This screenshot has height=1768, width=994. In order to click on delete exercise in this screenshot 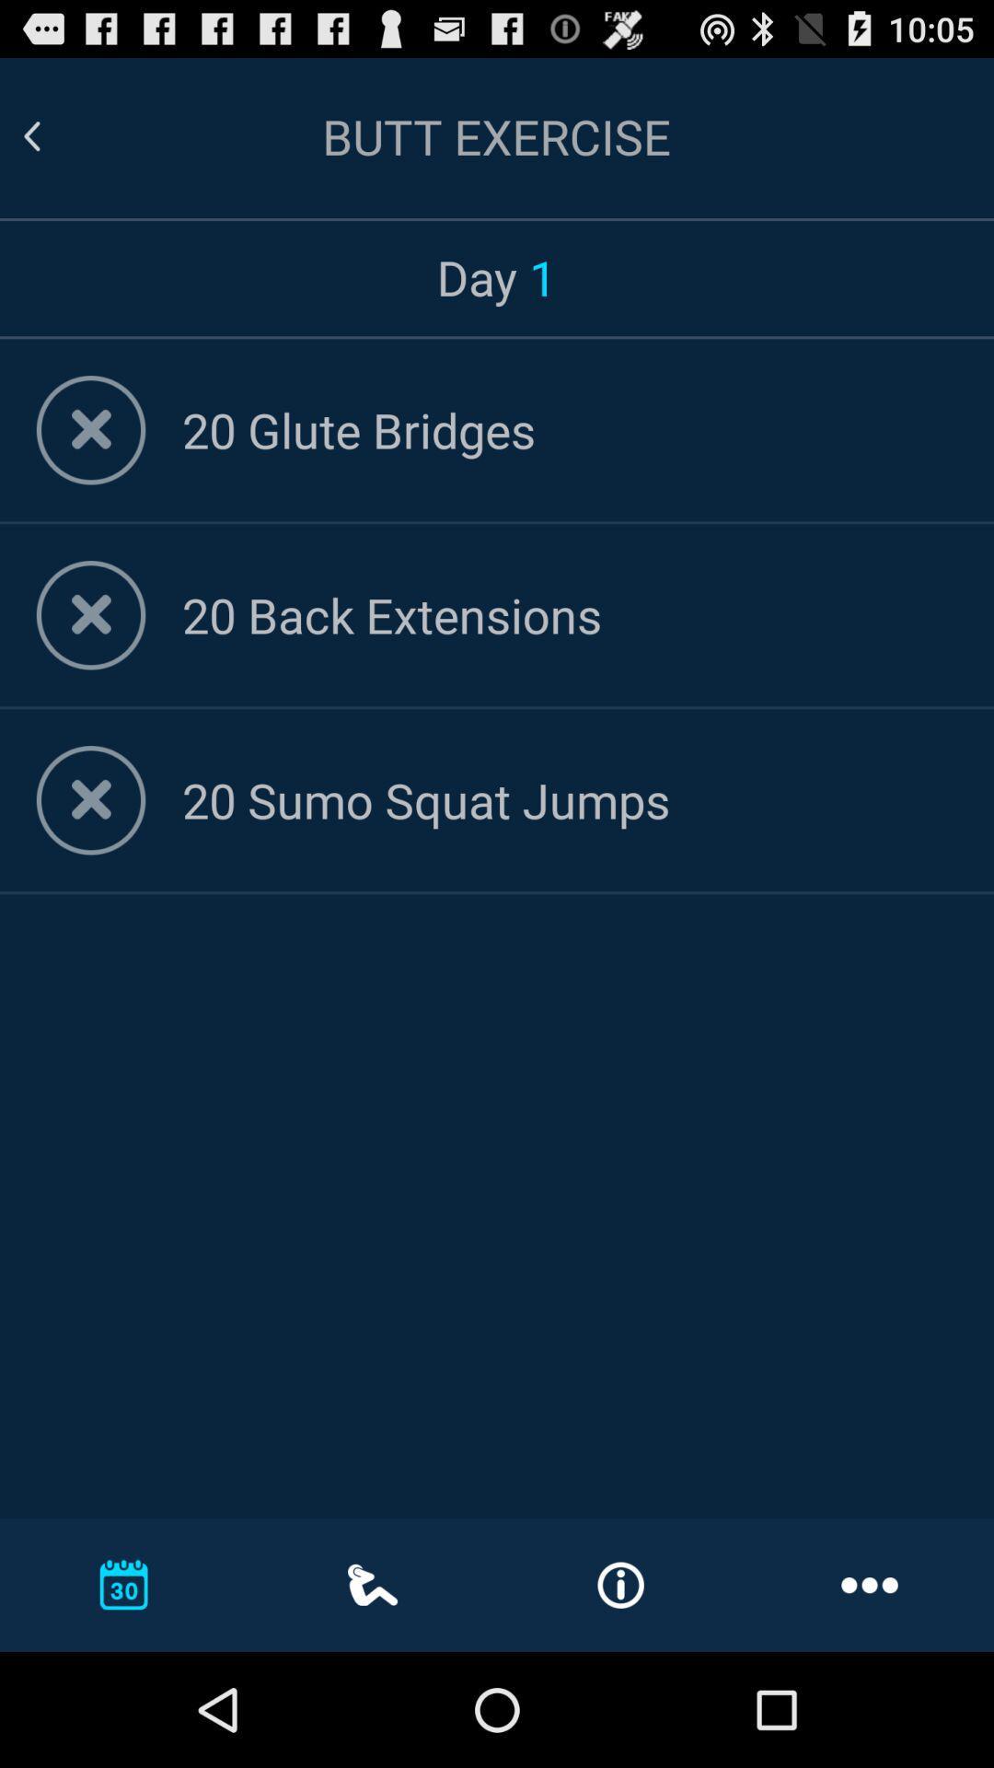, I will do `click(91, 615)`.